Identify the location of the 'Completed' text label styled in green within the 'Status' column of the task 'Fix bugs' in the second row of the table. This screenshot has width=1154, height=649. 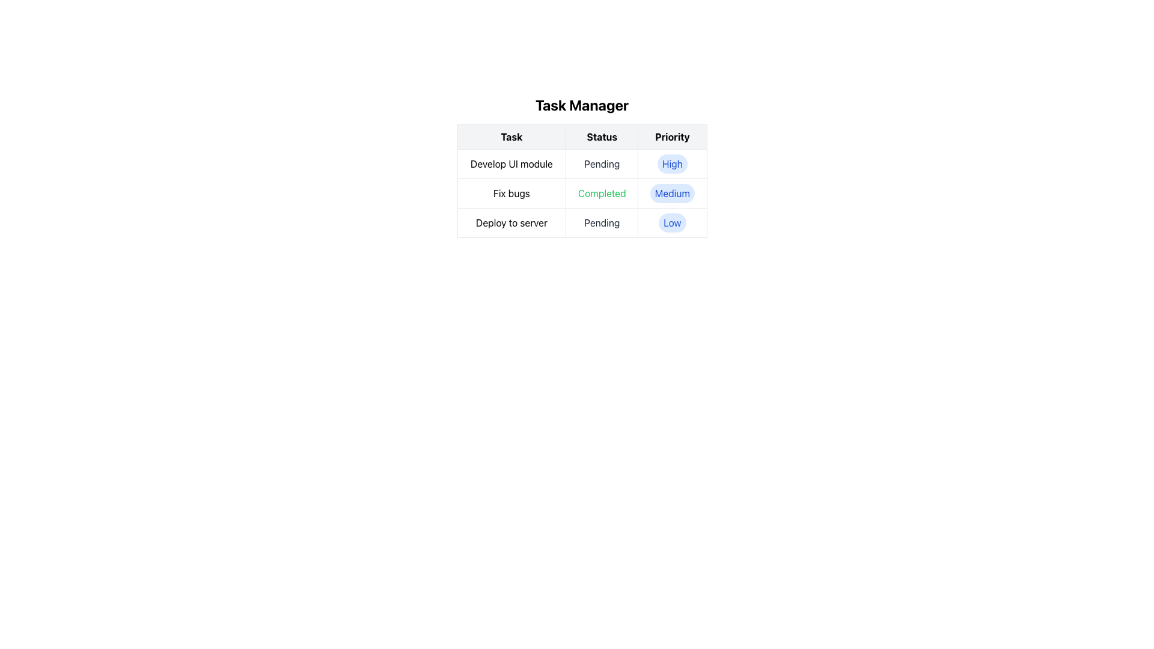
(602, 192).